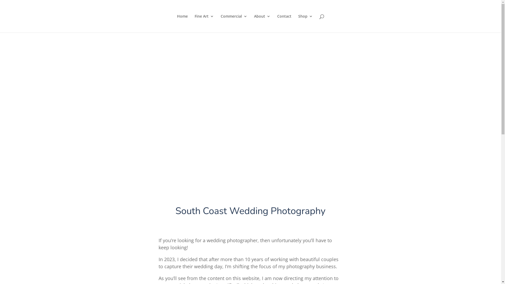 The height and width of the screenshot is (284, 505). I want to click on 'About', so click(254, 23).